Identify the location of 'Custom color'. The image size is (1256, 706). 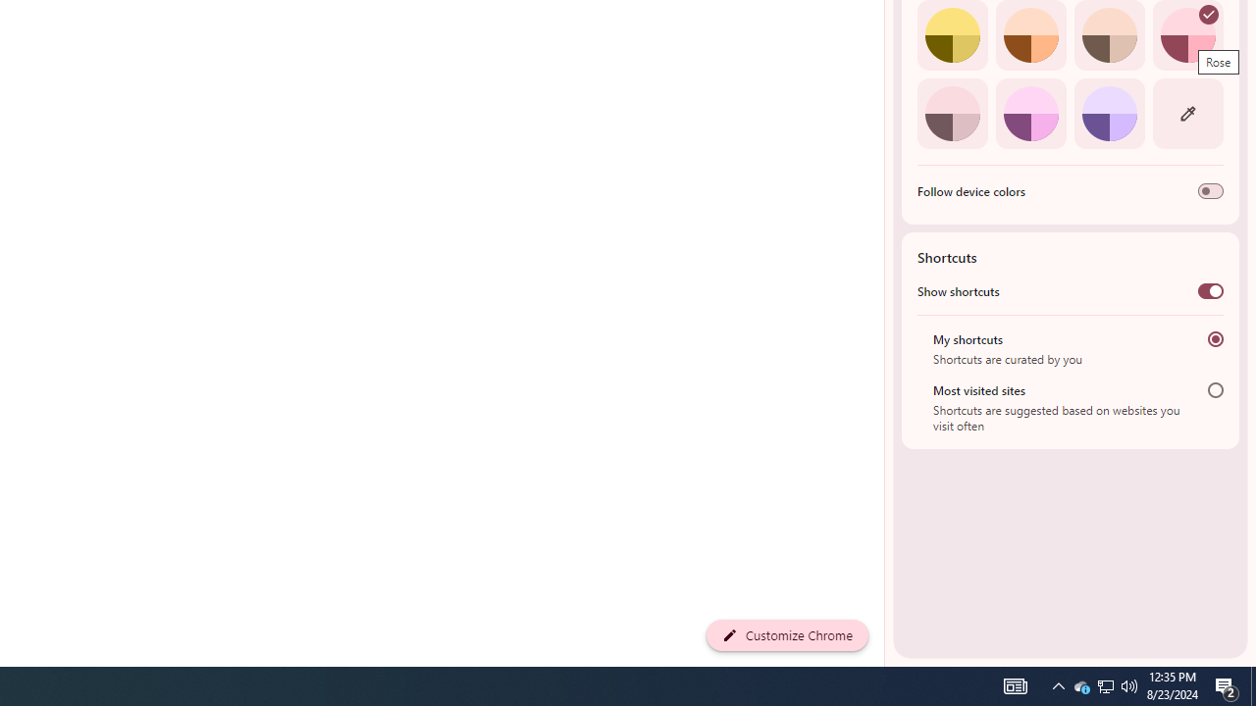
(1186, 113).